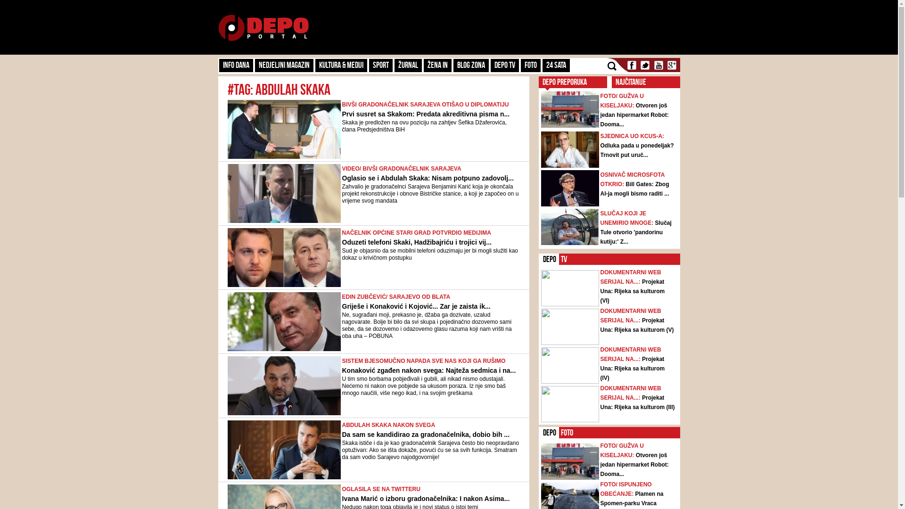  I want to click on 'Projekat Una: Rijeka sa kulturom (V)', so click(637, 325).